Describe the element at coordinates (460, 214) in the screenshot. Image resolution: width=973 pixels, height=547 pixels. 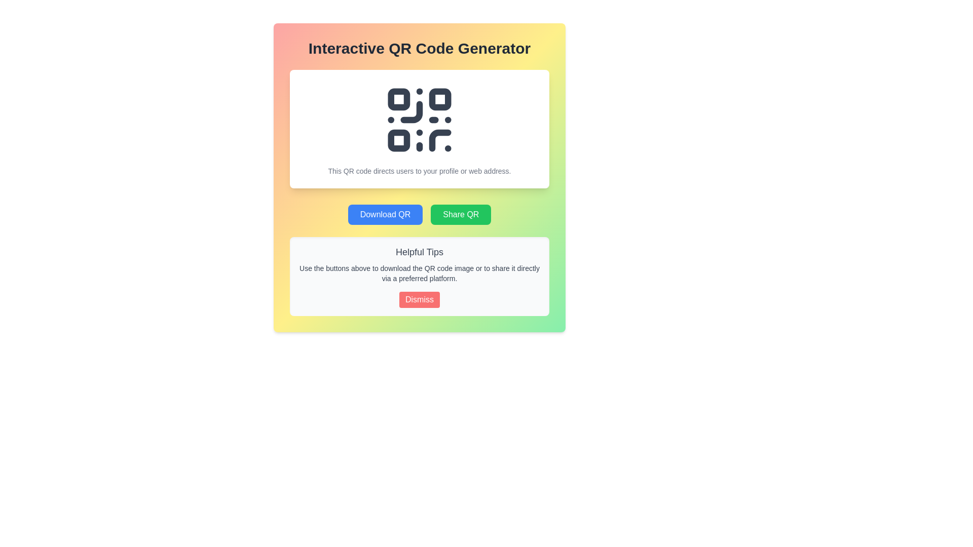
I see `the green 'Share QR' button with white text` at that location.